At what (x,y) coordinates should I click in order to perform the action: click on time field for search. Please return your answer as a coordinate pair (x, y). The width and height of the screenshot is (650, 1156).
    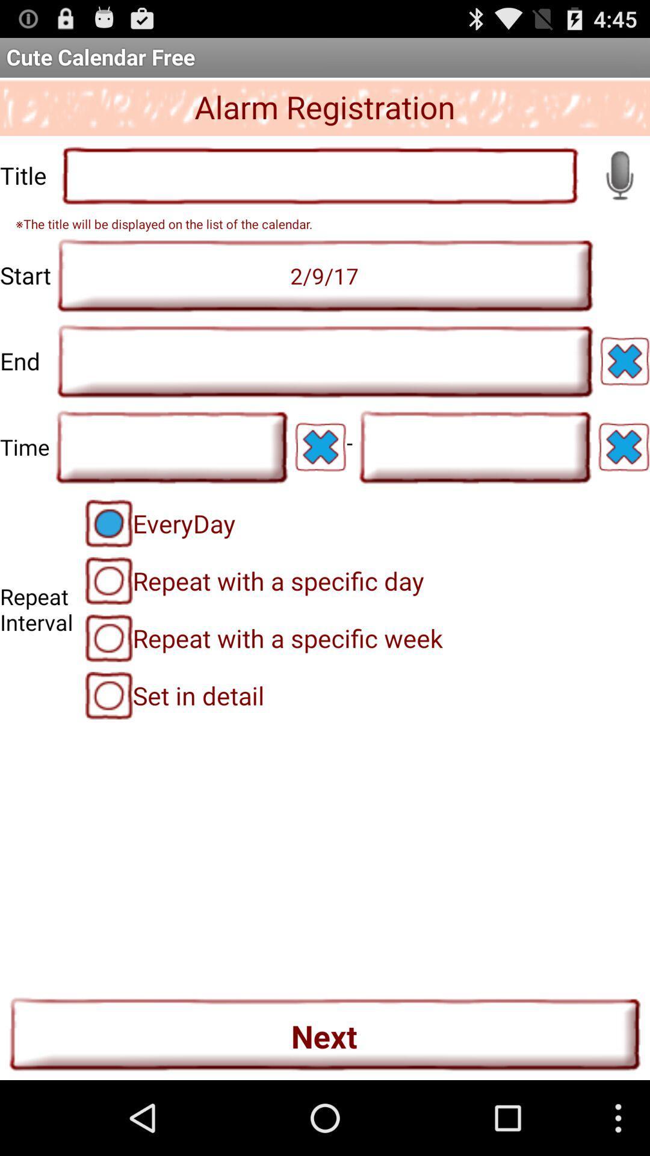
    Looking at the image, I should click on (474, 446).